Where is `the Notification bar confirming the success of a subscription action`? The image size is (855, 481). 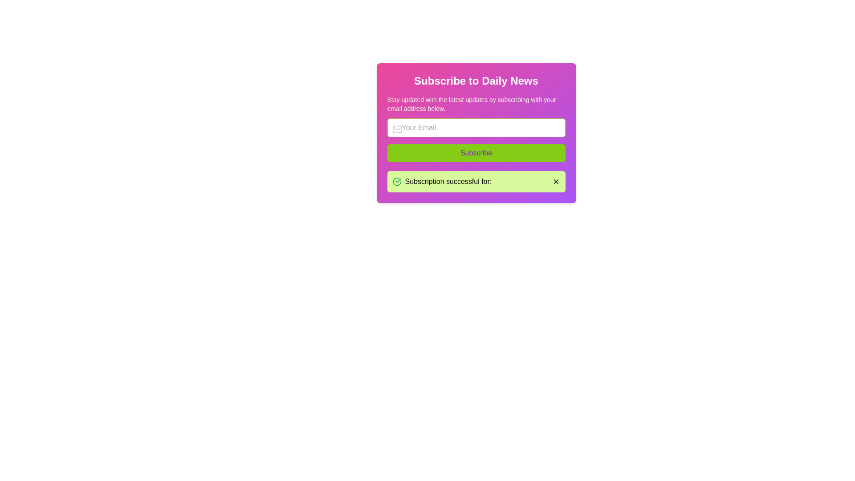 the Notification bar confirming the success of a subscription action is located at coordinates (476, 181).